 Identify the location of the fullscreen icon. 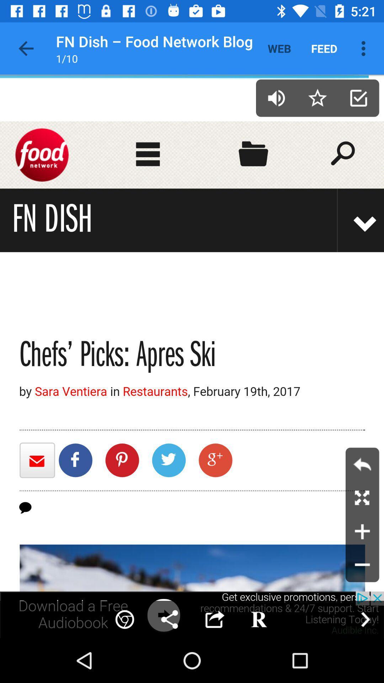
(362, 498).